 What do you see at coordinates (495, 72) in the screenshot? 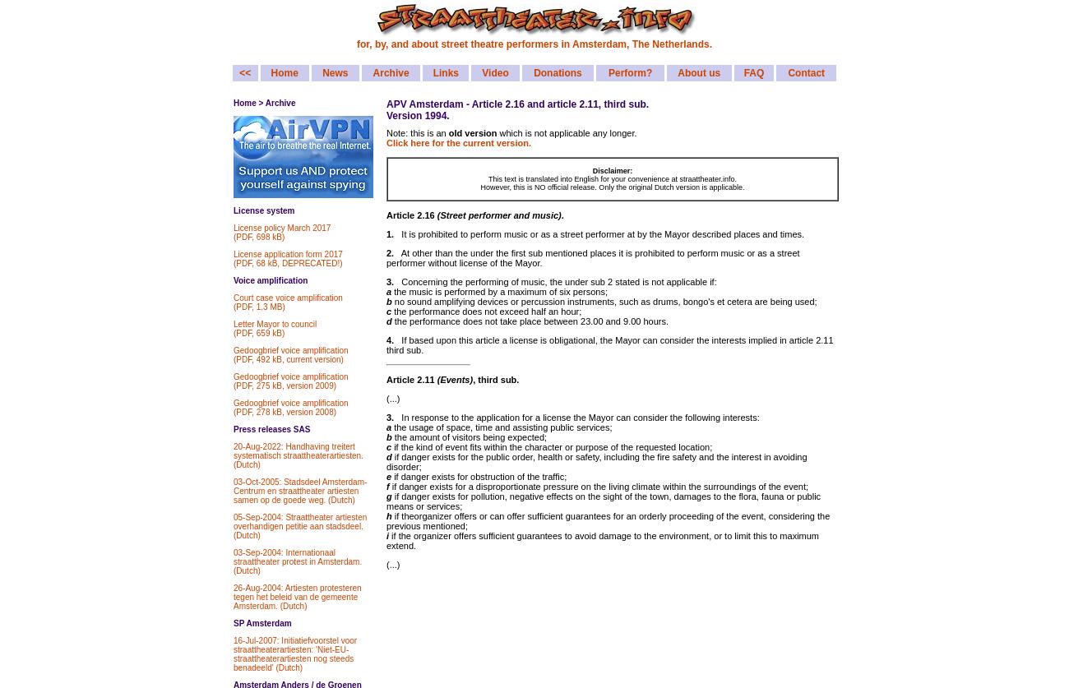
I see `'Video'` at bounding box center [495, 72].